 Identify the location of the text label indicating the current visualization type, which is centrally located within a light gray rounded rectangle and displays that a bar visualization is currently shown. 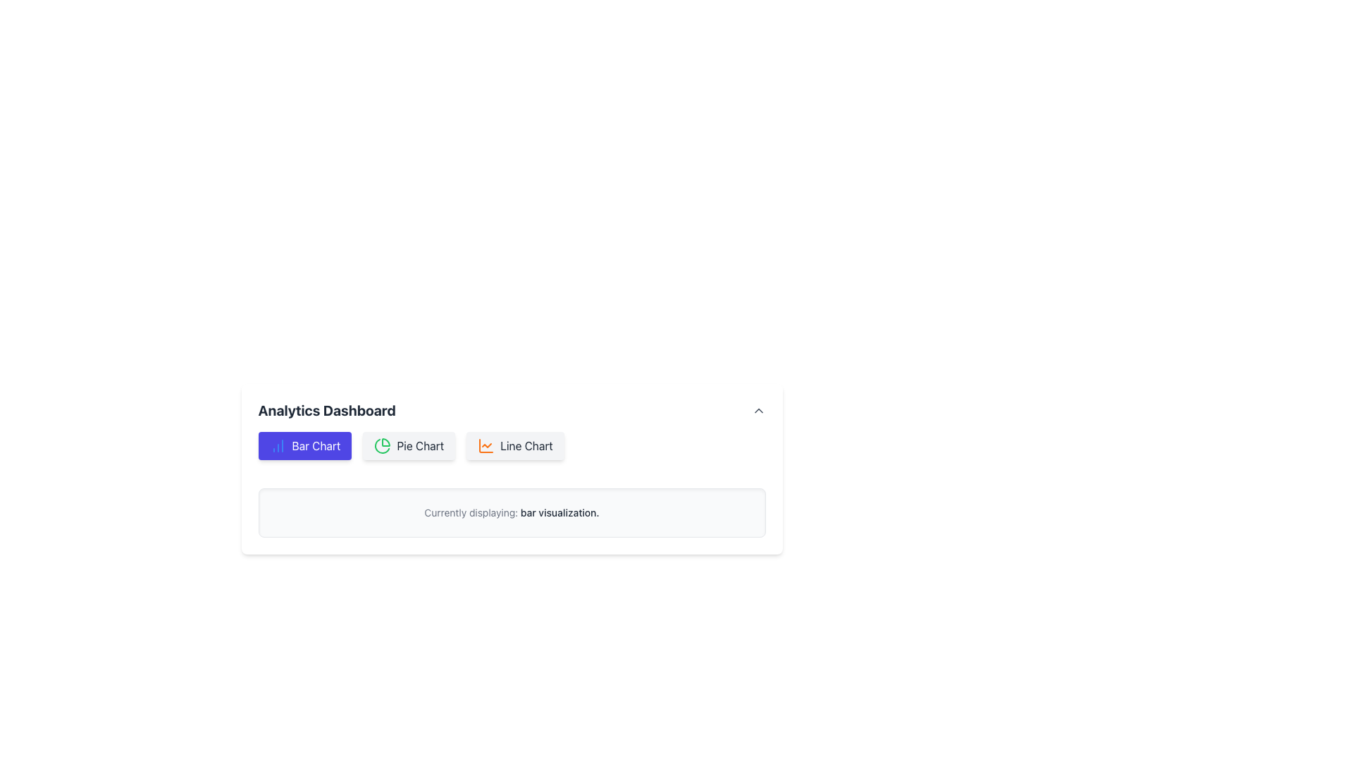
(511, 513).